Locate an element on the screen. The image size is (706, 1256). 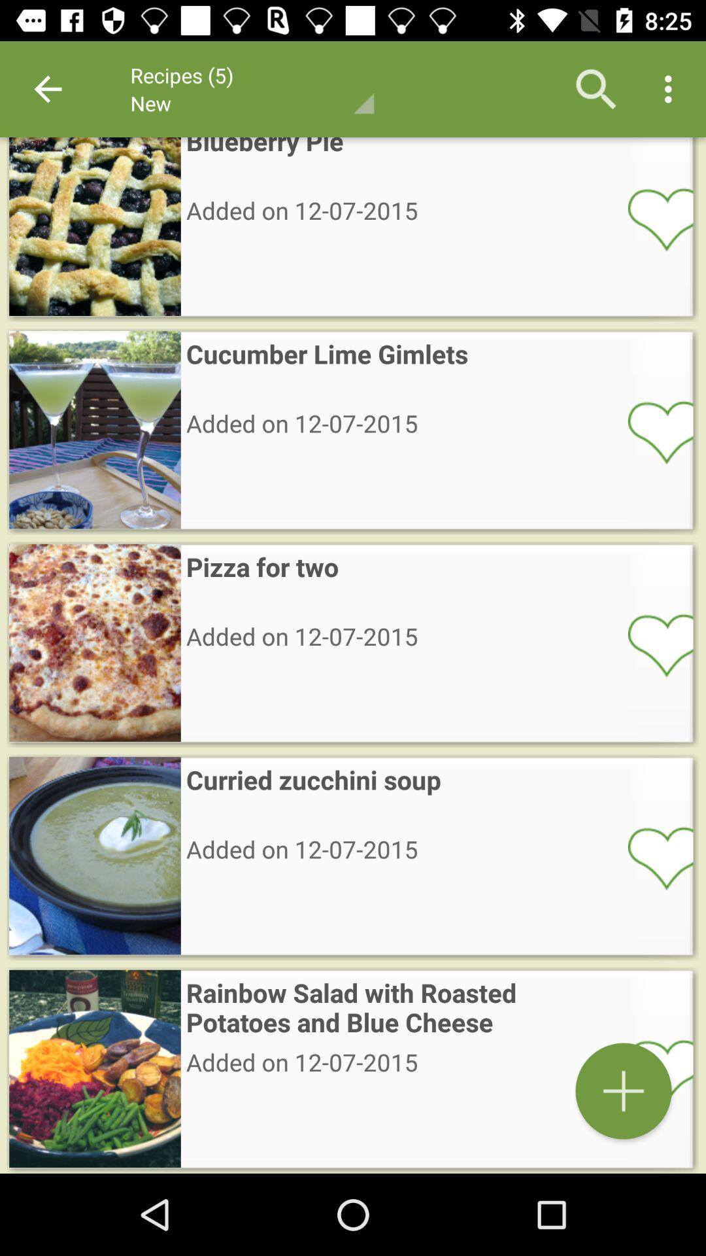
to favorites is located at coordinates (652, 432).